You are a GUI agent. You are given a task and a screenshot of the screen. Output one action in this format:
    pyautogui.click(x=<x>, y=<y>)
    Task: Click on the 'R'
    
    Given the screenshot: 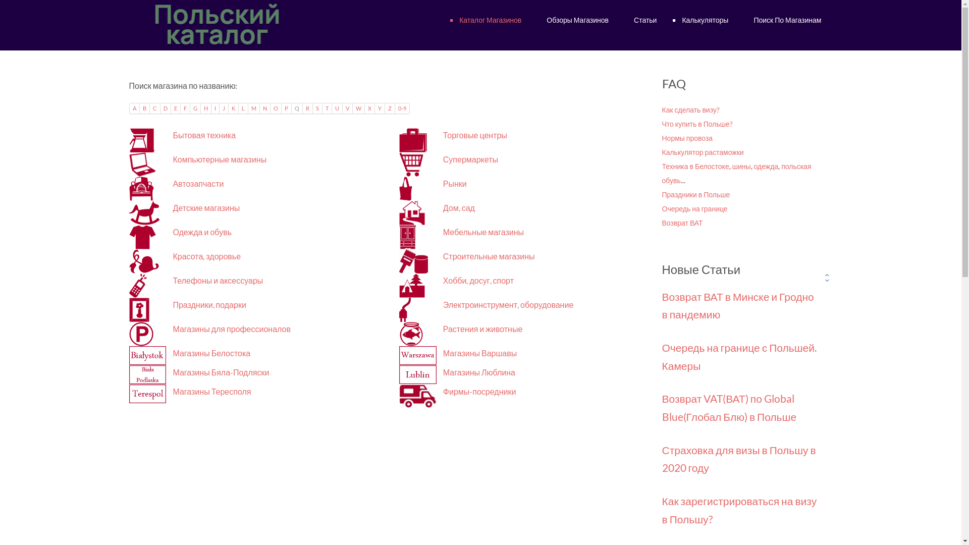 What is the action you would take?
    pyautogui.click(x=302, y=108)
    